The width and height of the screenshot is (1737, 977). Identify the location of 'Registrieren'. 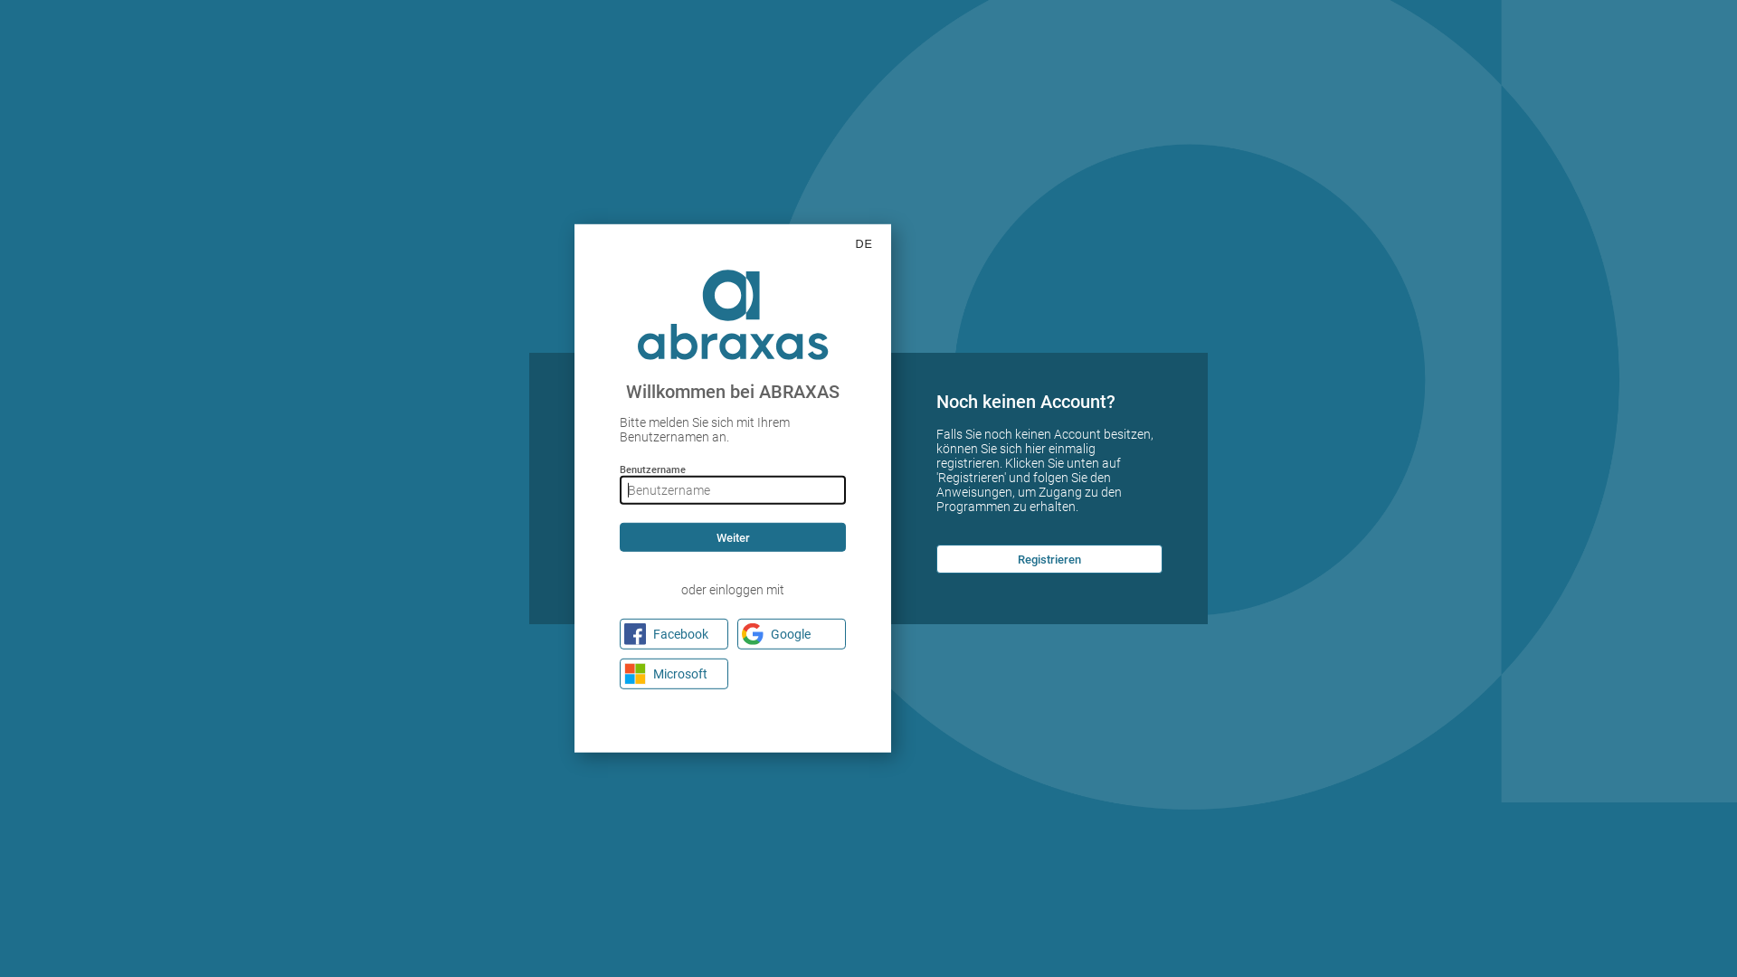
(1049, 557).